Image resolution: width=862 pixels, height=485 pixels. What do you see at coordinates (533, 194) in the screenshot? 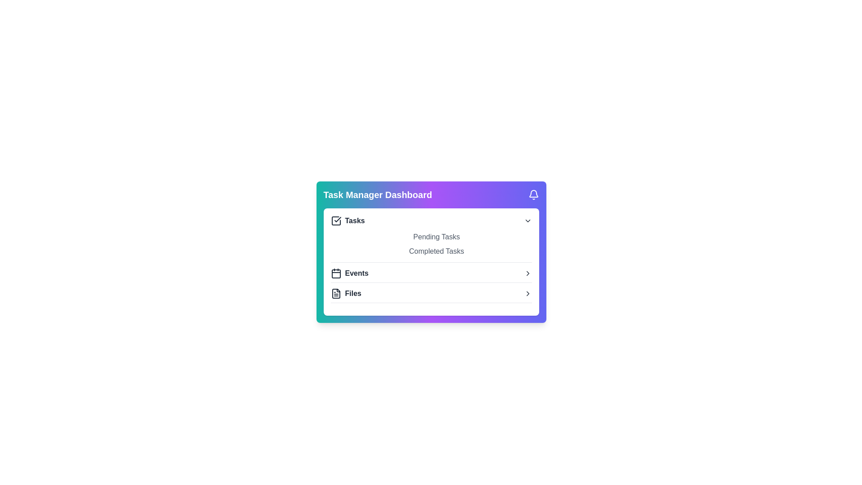
I see `the notification bell icon, which is a white bell icon on a purple gradient background located at the top-right corner of the 'Task Manager Dashboard' section, to trigger a hover animation` at bounding box center [533, 194].